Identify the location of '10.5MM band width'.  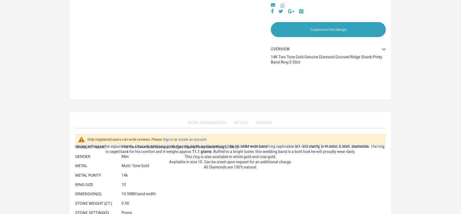
(138, 194).